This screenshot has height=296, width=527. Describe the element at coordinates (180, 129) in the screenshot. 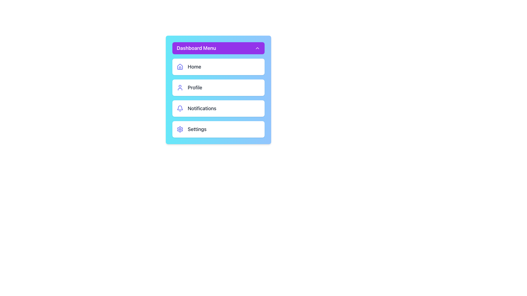

I see `the indigo gear icon representing the 'Settings' option in the menu, which is styled with a shadow and rounded edges` at that location.